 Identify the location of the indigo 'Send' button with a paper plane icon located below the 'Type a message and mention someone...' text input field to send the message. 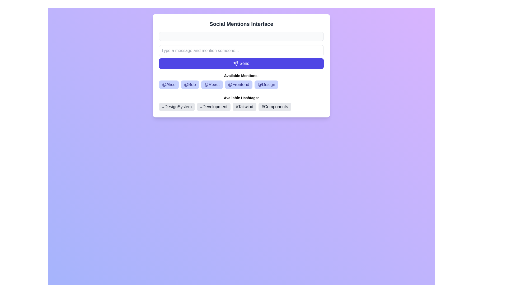
(241, 63).